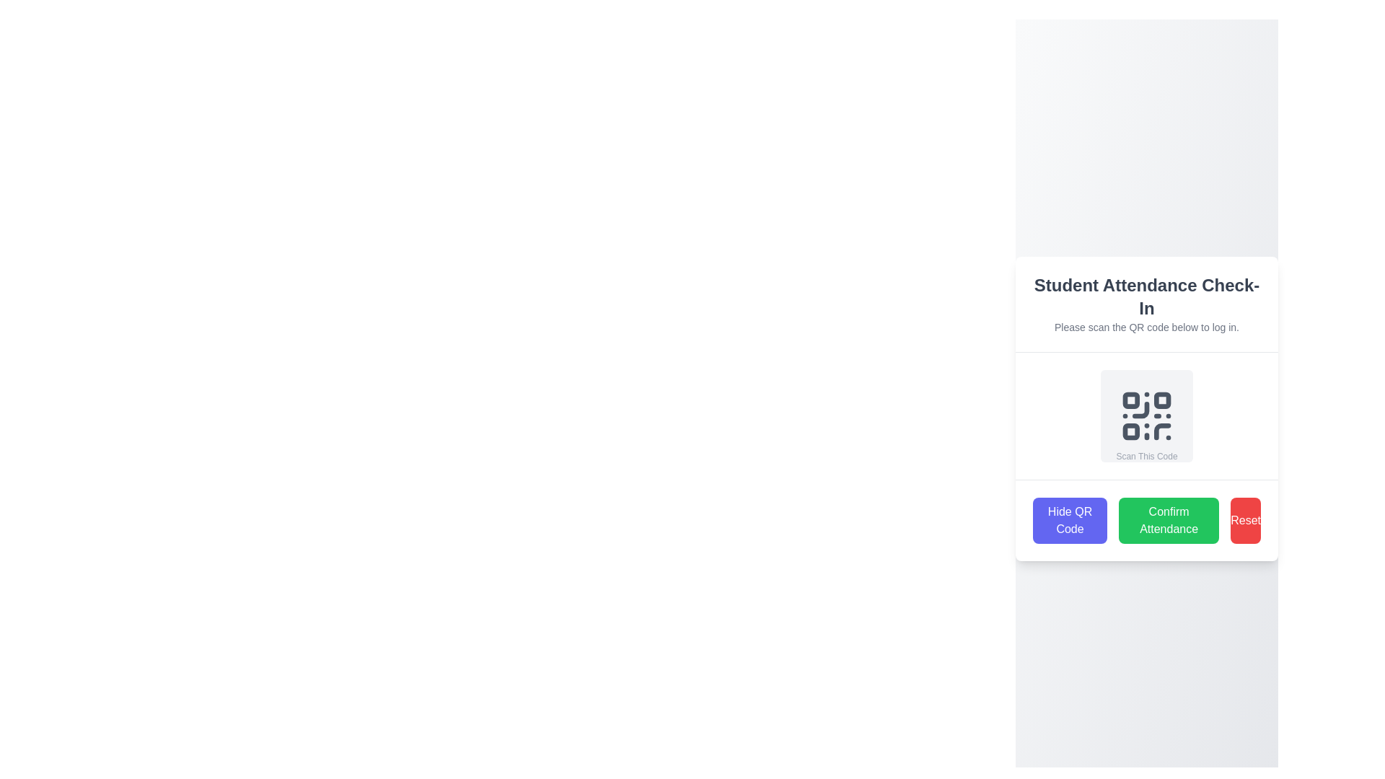 The image size is (1385, 779). I want to click on the middle button in the row of three buttons to confirm attendance in the system, so click(1146, 520).